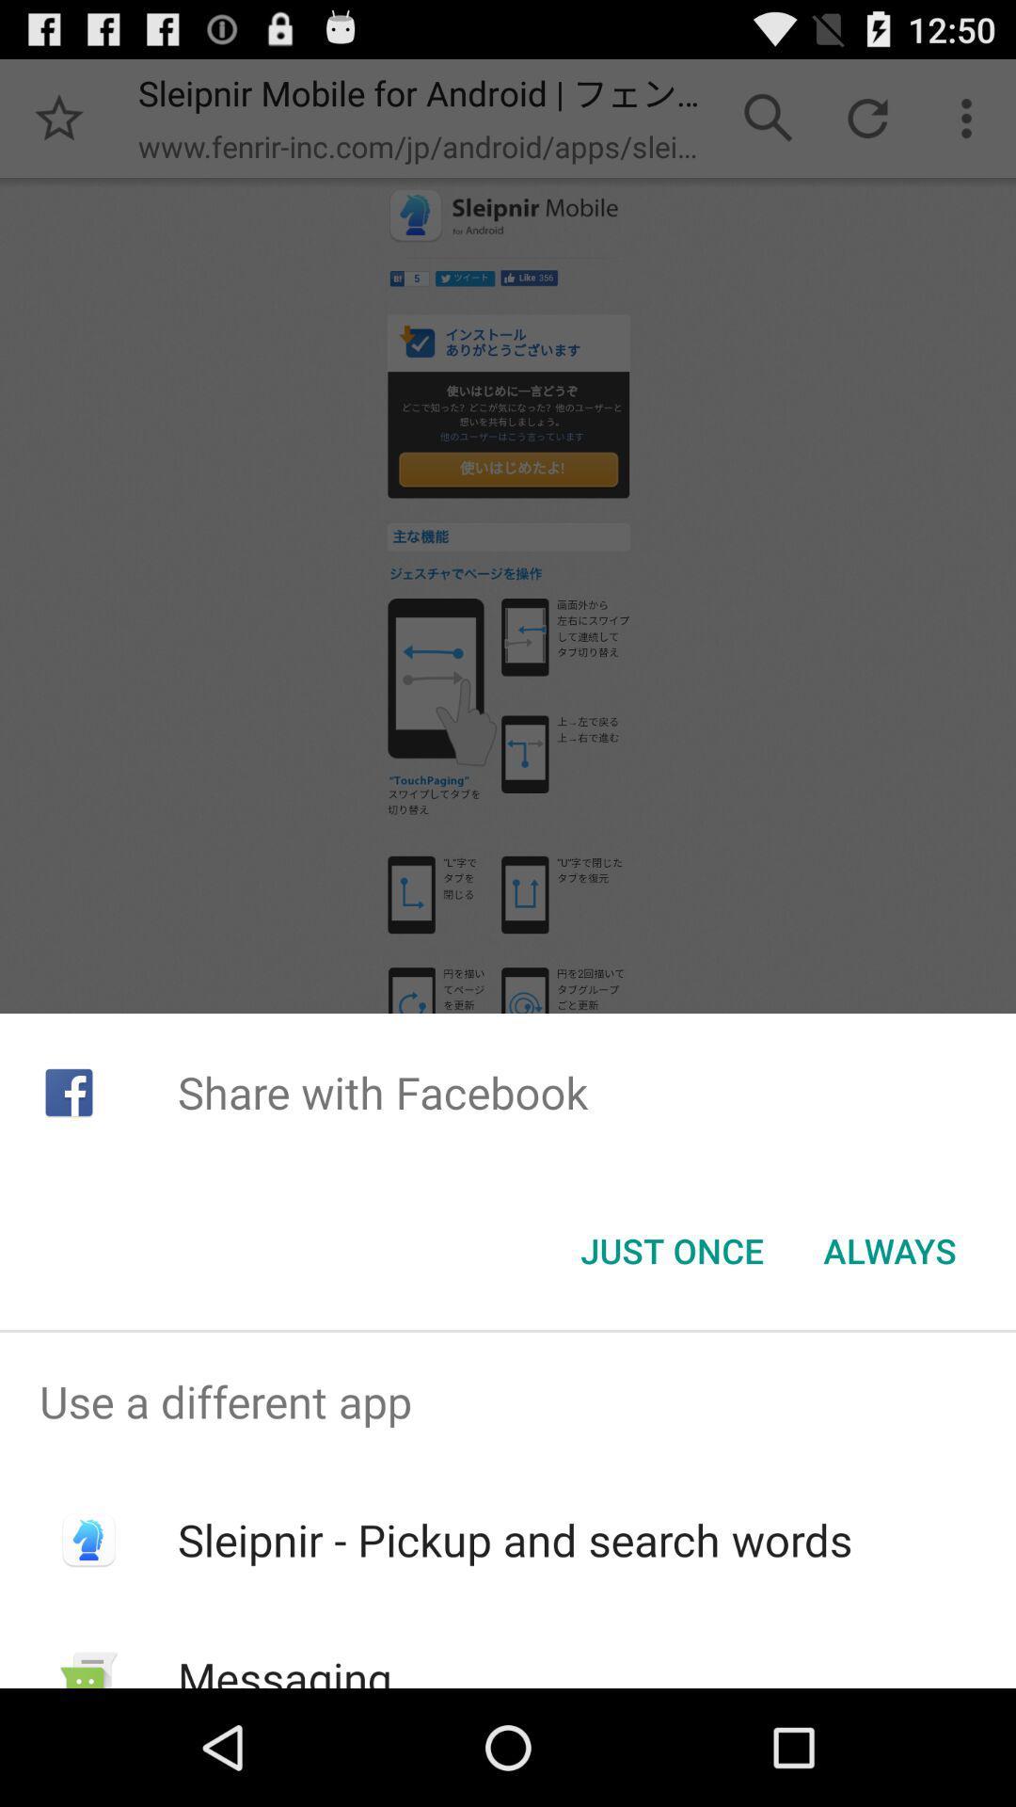  Describe the element at coordinates (889, 1251) in the screenshot. I see `the item below share with facebook icon` at that location.